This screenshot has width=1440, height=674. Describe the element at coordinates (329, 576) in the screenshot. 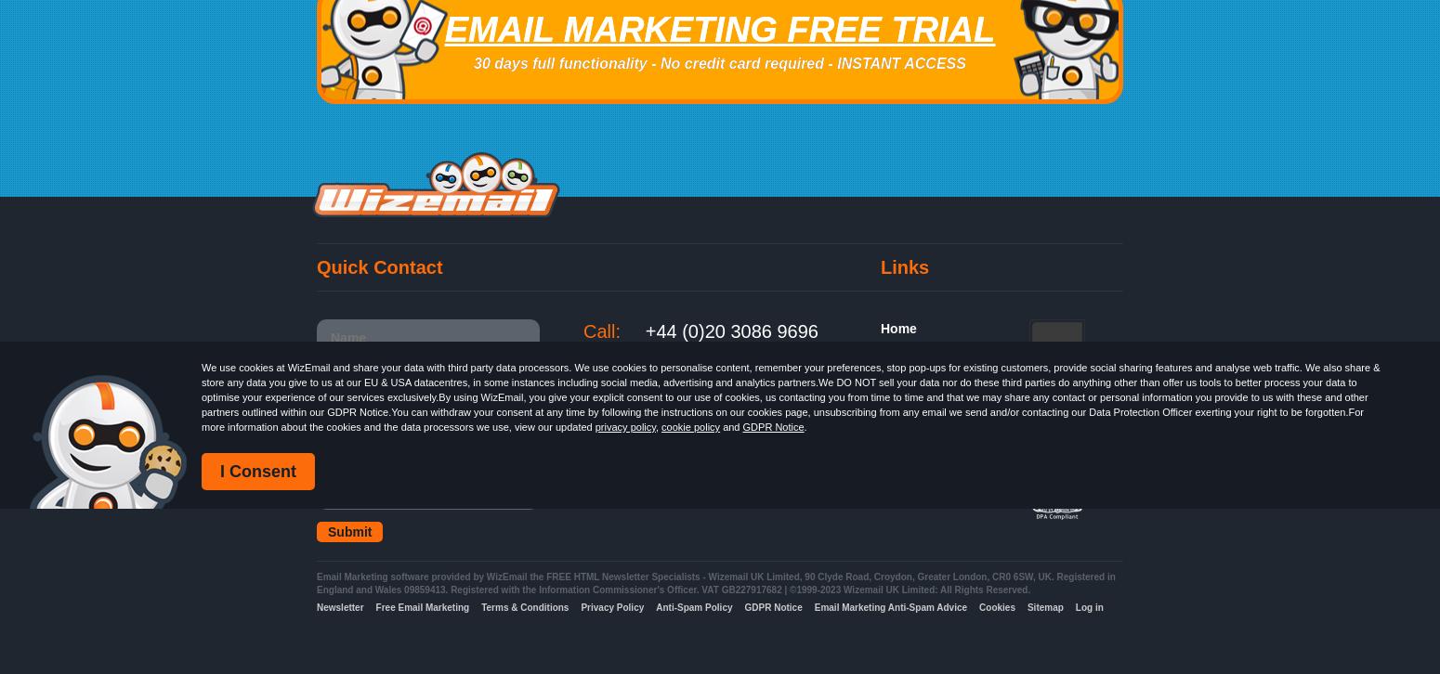

I see `'Email'` at that location.